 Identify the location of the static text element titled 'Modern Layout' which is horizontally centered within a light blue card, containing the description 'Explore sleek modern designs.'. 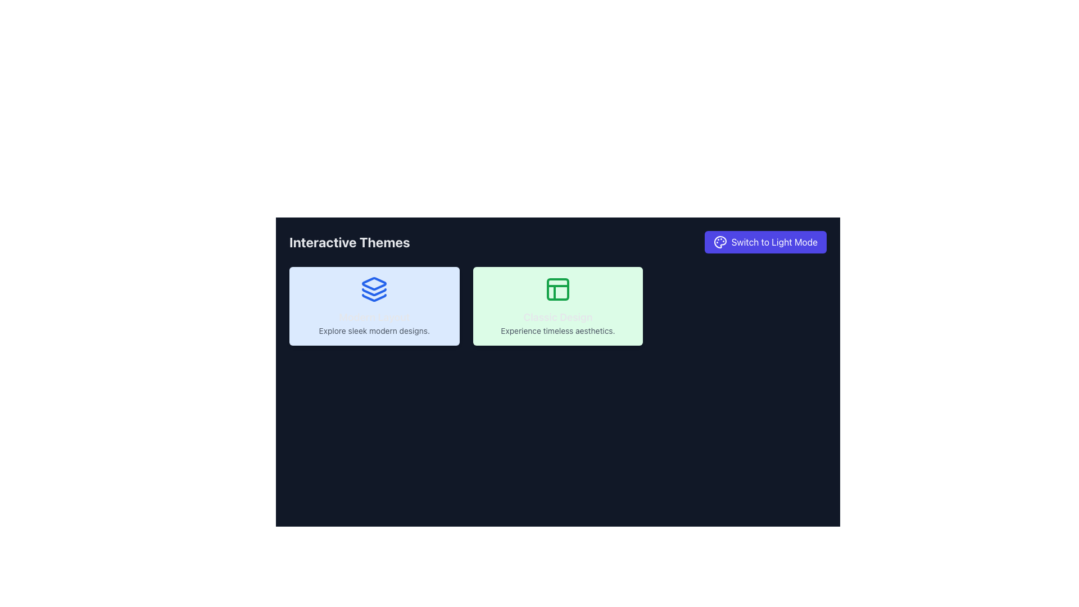
(374, 323).